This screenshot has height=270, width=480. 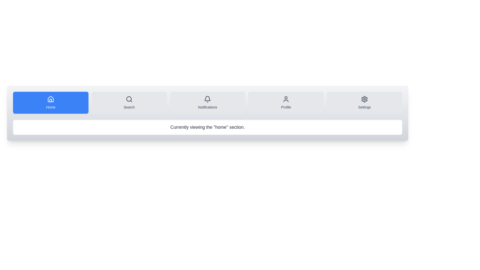 I want to click on the navigational button located in the fourth position of the navigation bar, so click(x=286, y=102).